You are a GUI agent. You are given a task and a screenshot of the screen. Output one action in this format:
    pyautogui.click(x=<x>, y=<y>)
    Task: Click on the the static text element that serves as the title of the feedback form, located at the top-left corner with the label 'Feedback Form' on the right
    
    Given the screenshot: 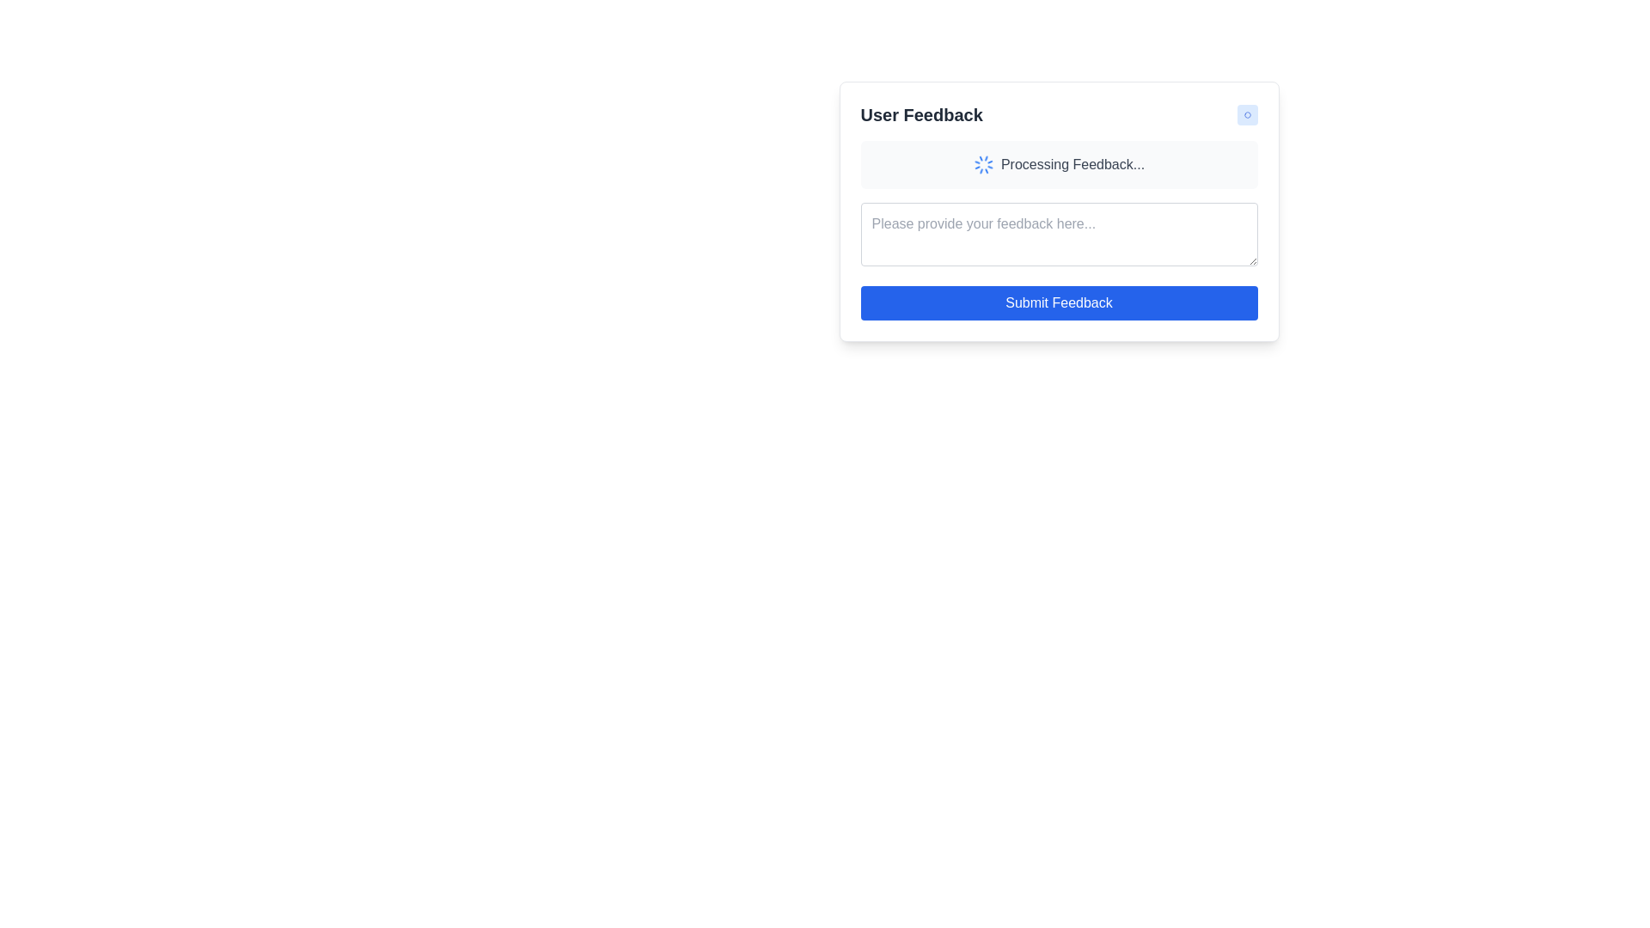 What is the action you would take?
    pyautogui.click(x=920, y=115)
    